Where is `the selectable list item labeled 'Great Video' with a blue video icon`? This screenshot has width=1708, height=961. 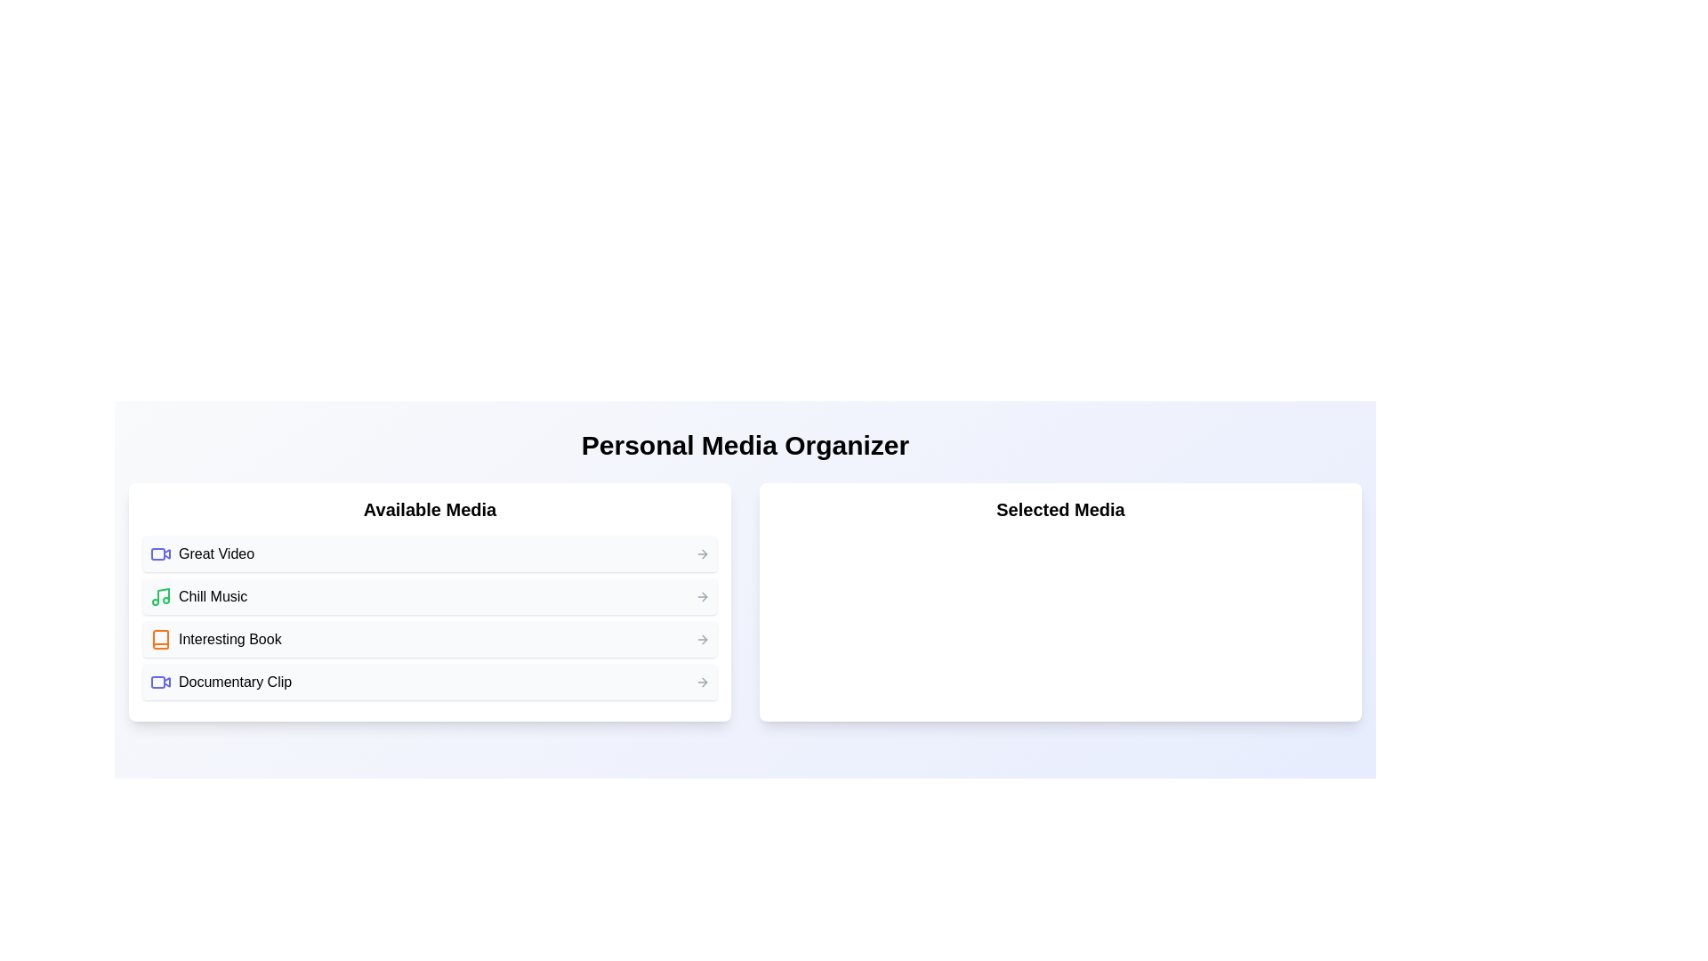
the selectable list item labeled 'Great Video' with a blue video icon is located at coordinates (202, 553).